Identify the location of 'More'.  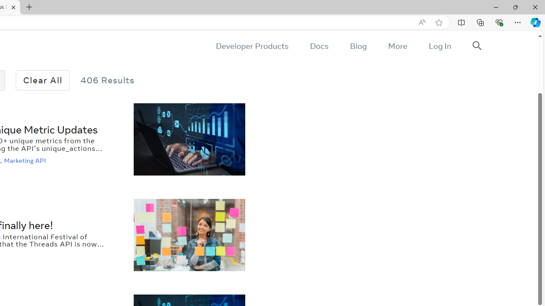
(397, 46).